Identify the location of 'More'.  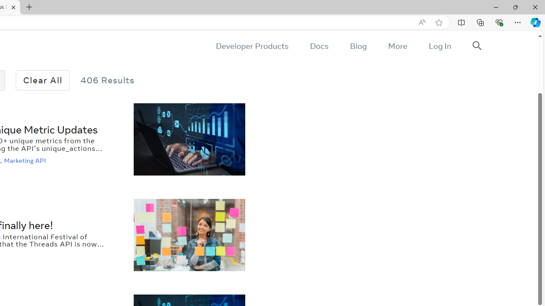
(397, 46).